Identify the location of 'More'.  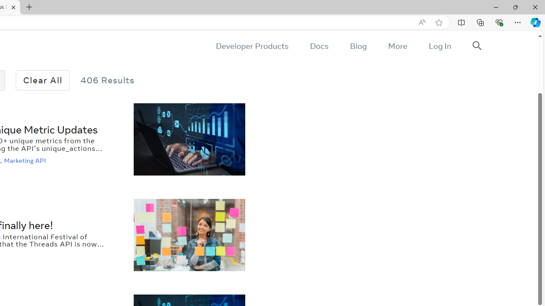
(397, 46).